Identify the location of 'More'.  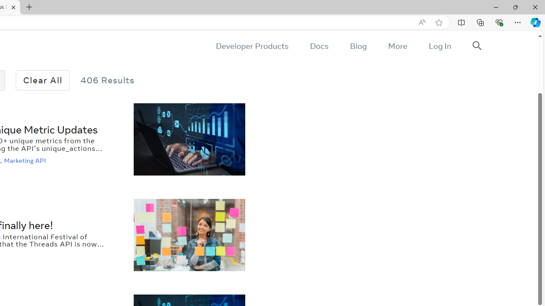
(397, 46).